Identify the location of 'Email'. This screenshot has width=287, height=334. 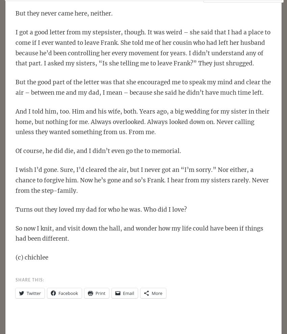
(128, 293).